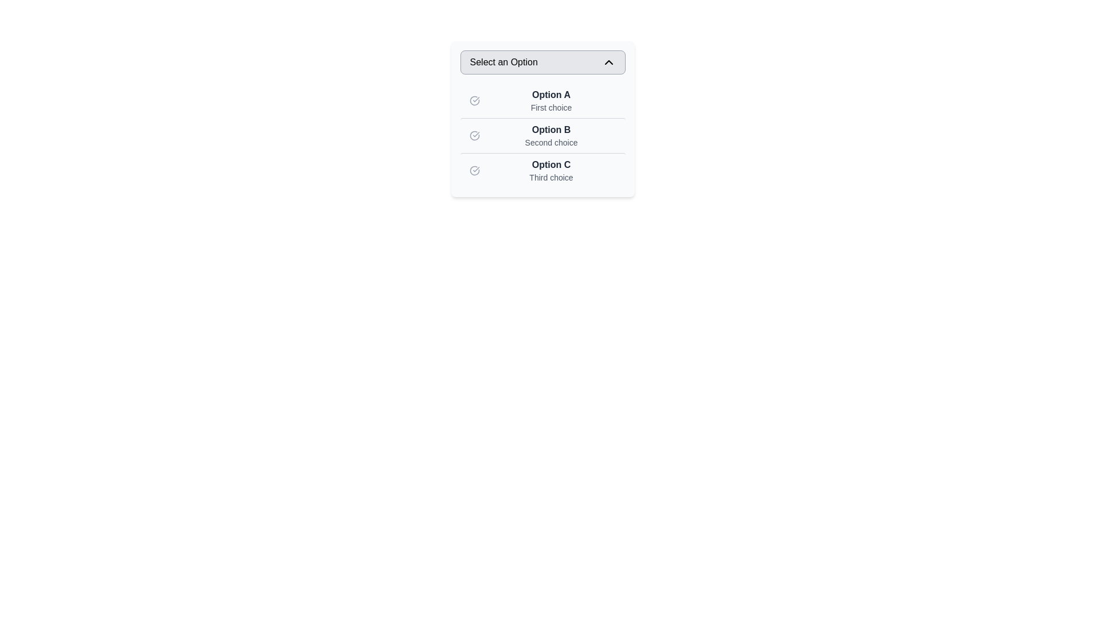  What do you see at coordinates (551, 130) in the screenshot?
I see `the text label displaying 'Option B' in a bold font` at bounding box center [551, 130].